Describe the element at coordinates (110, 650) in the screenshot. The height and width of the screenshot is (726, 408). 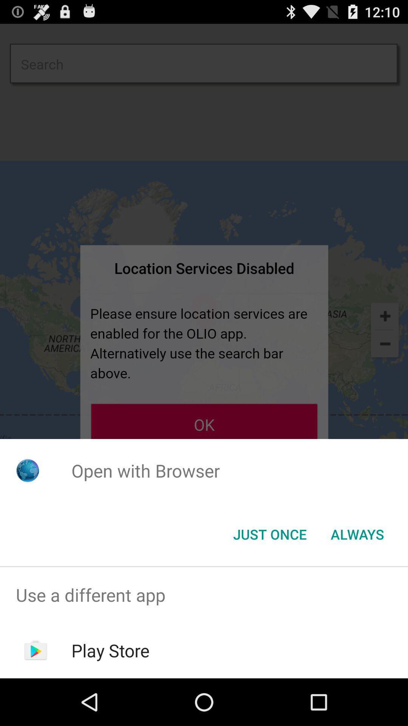
I see `icon below the use a different app` at that location.